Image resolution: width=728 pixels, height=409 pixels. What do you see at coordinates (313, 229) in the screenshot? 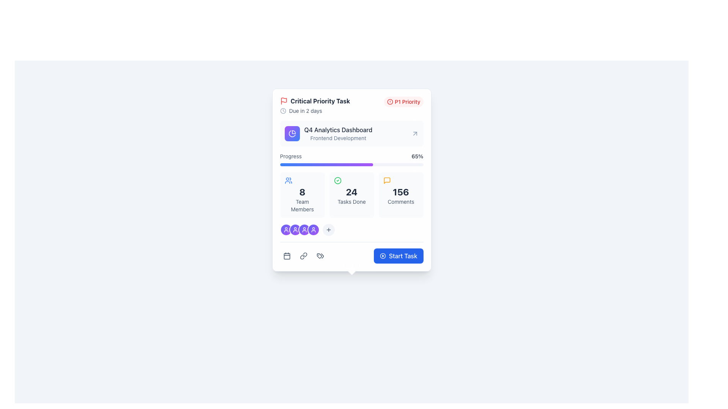
I see `the user profile icon representing a team member, located in the lower center area of the card, which is the first item from the left in a row of similar circles` at bounding box center [313, 229].